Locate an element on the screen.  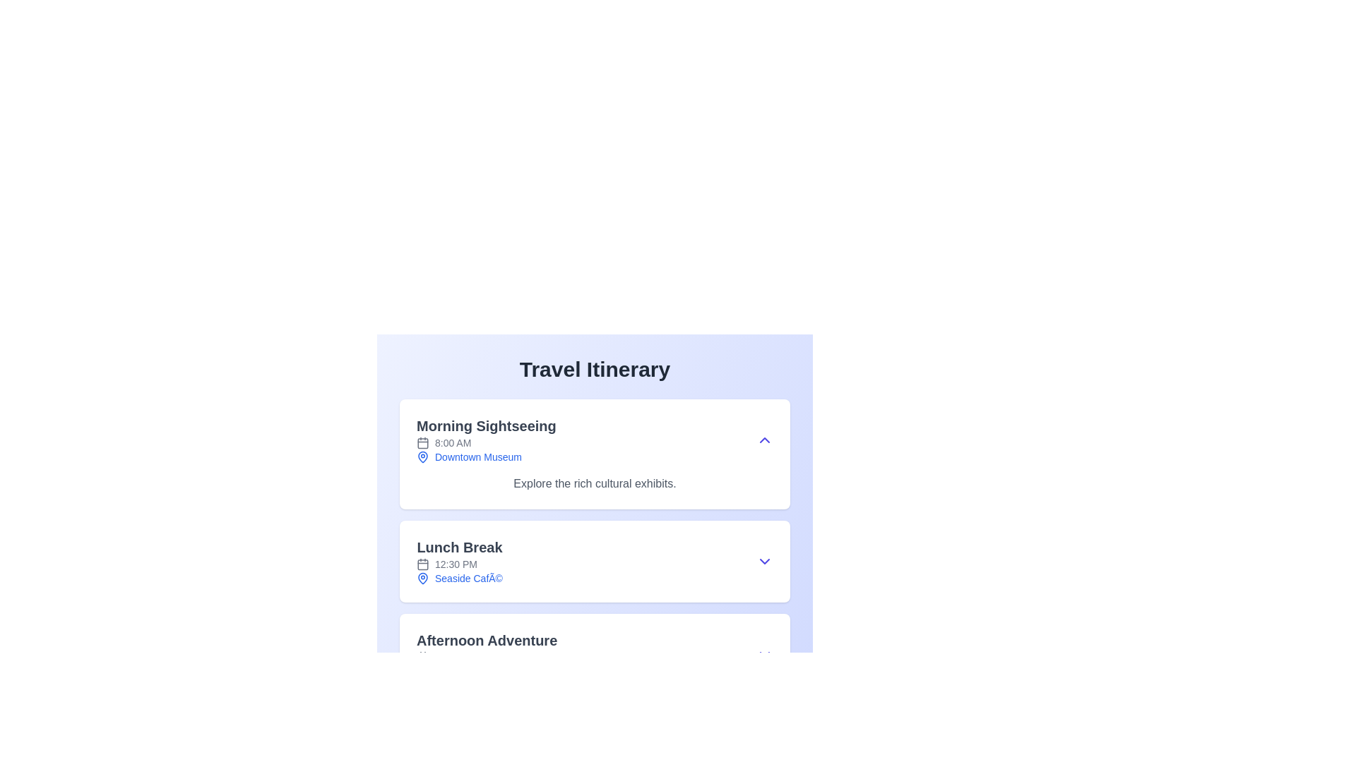
the downward-pointing chevron icon of the Dropdown toggle button in the 'Lunch Break' section is located at coordinates (764, 560).